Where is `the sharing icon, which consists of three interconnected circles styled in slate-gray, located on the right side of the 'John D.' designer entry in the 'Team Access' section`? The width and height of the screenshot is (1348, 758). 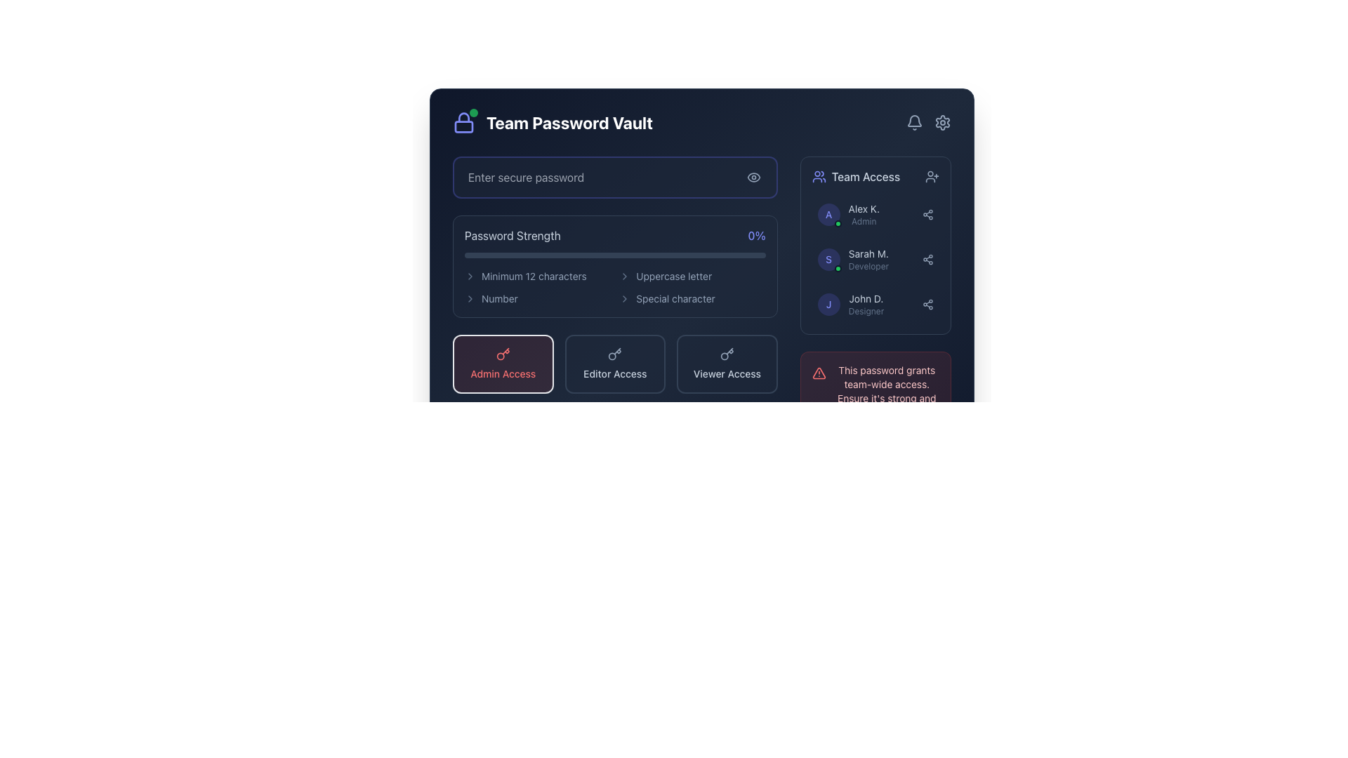
the sharing icon, which consists of three interconnected circles styled in slate-gray, located on the right side of the 'John D.' designer entry in the 'Team Access' section is located at coordinates (927, 304).